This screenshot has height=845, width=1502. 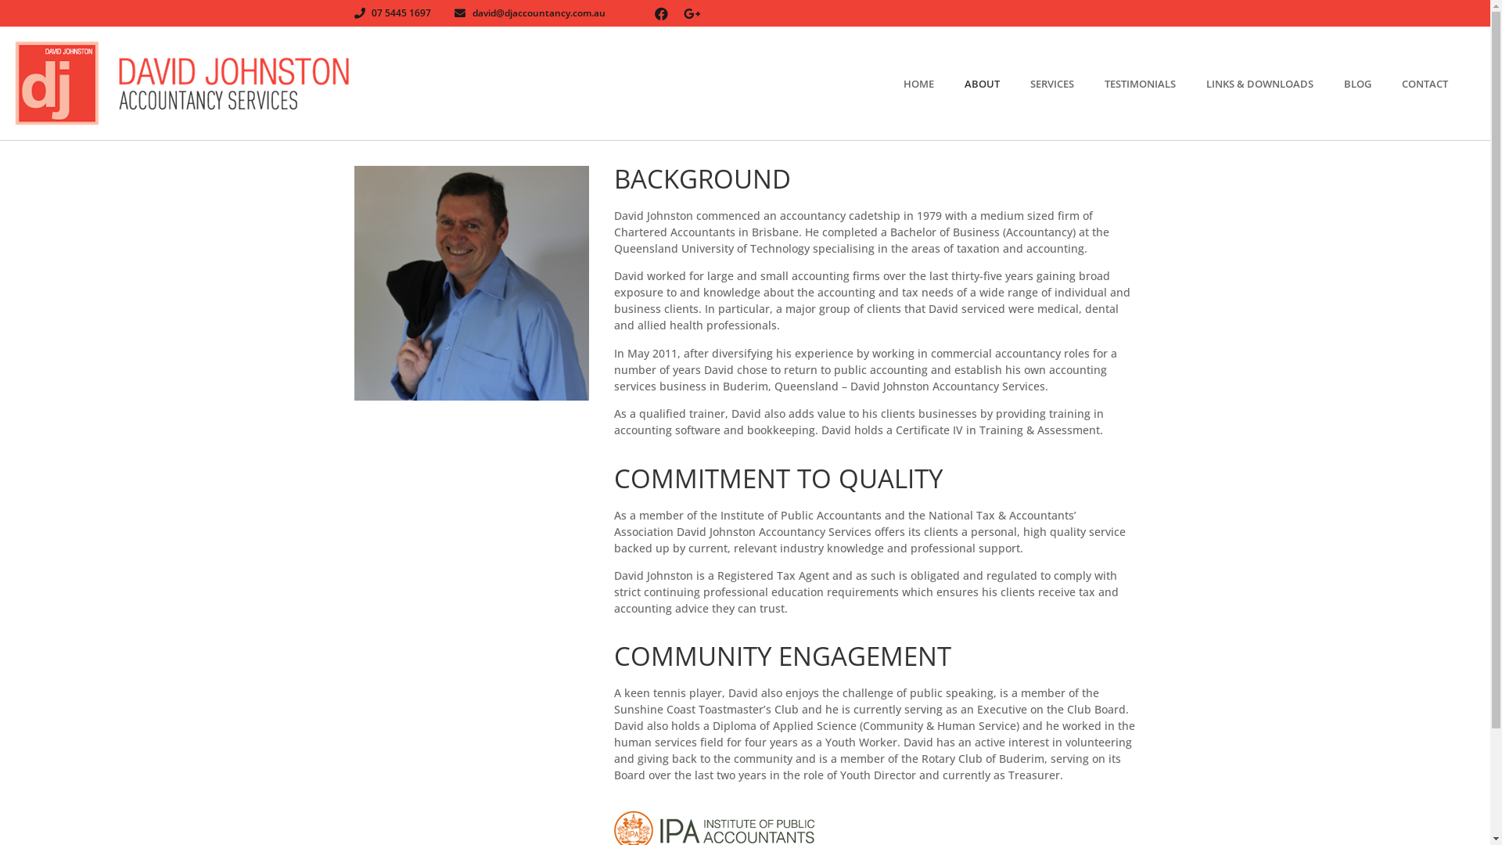 I want to click on '07 5445 1697', so click(x=352, y=13).